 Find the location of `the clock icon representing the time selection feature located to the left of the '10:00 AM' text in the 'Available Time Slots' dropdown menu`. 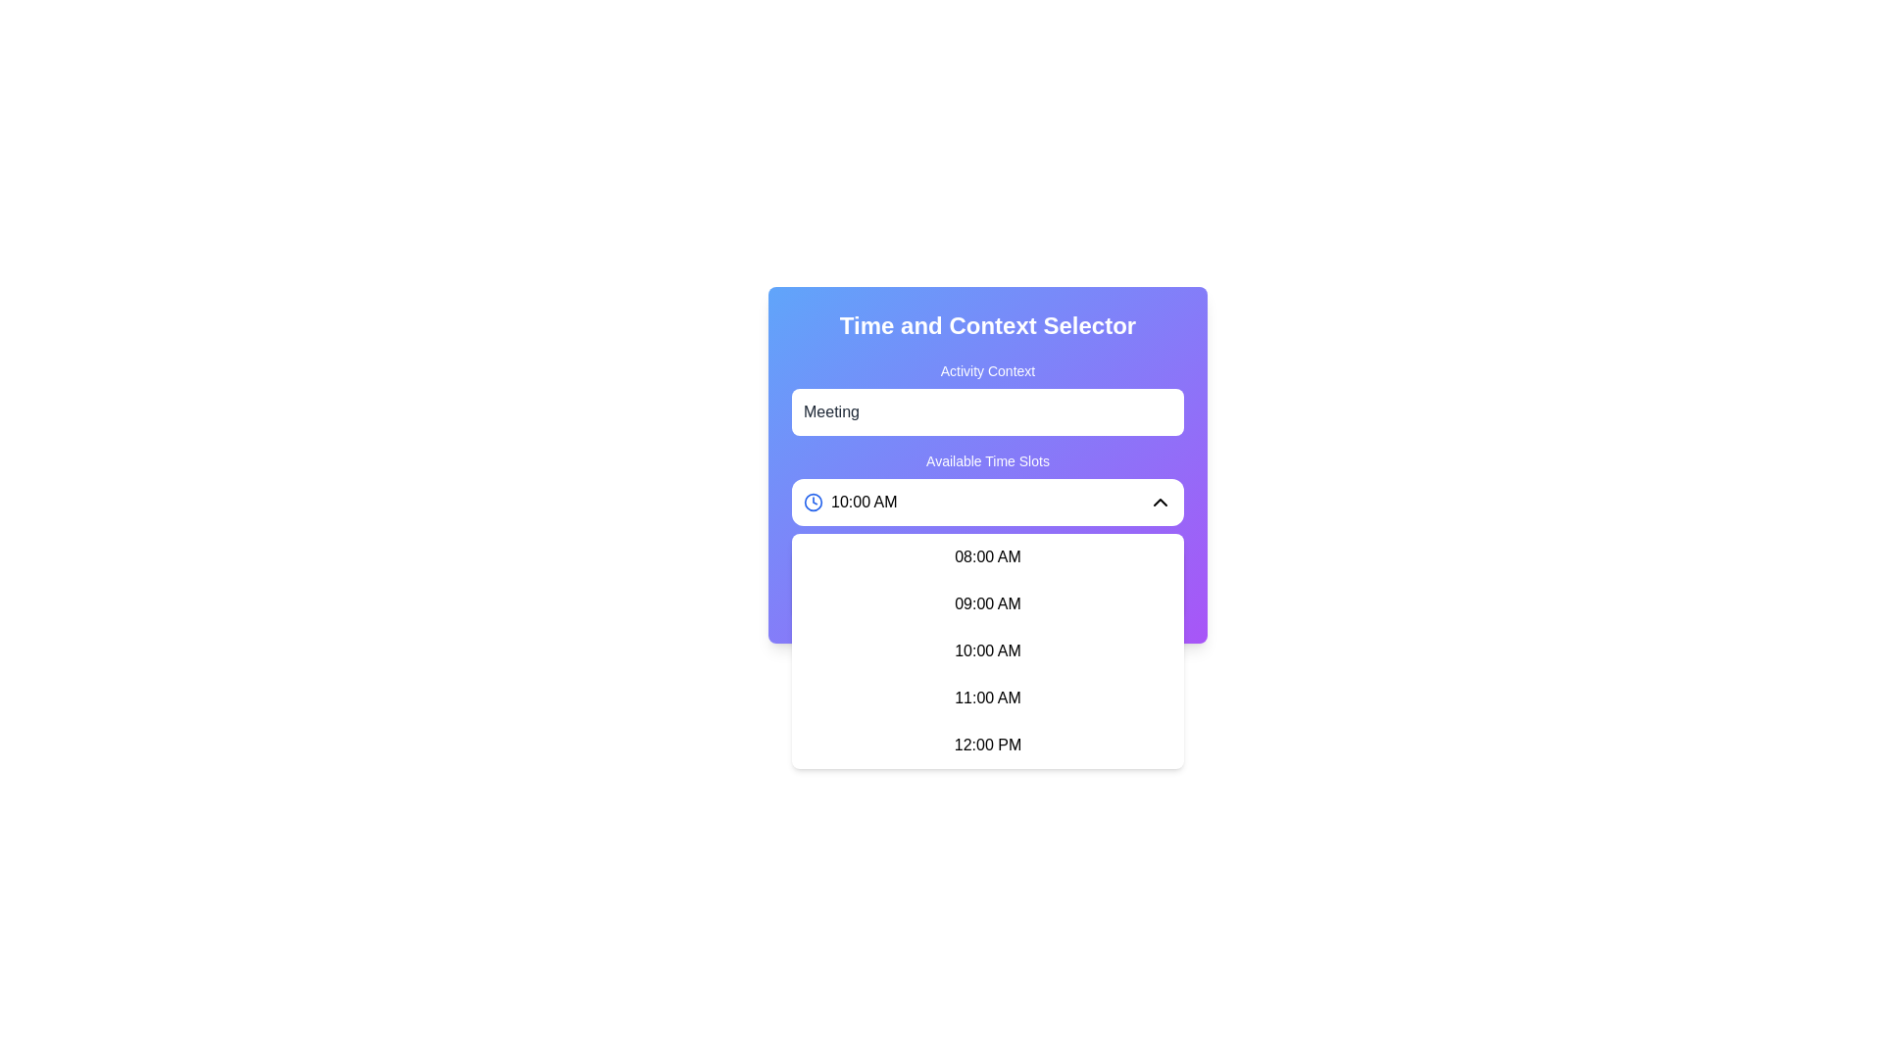

the clock icon representing the time selection feature located to the left of the '10:00 AM' text in the 'Available Time Slots' dropdown menu is located at coordinates (814, 502).